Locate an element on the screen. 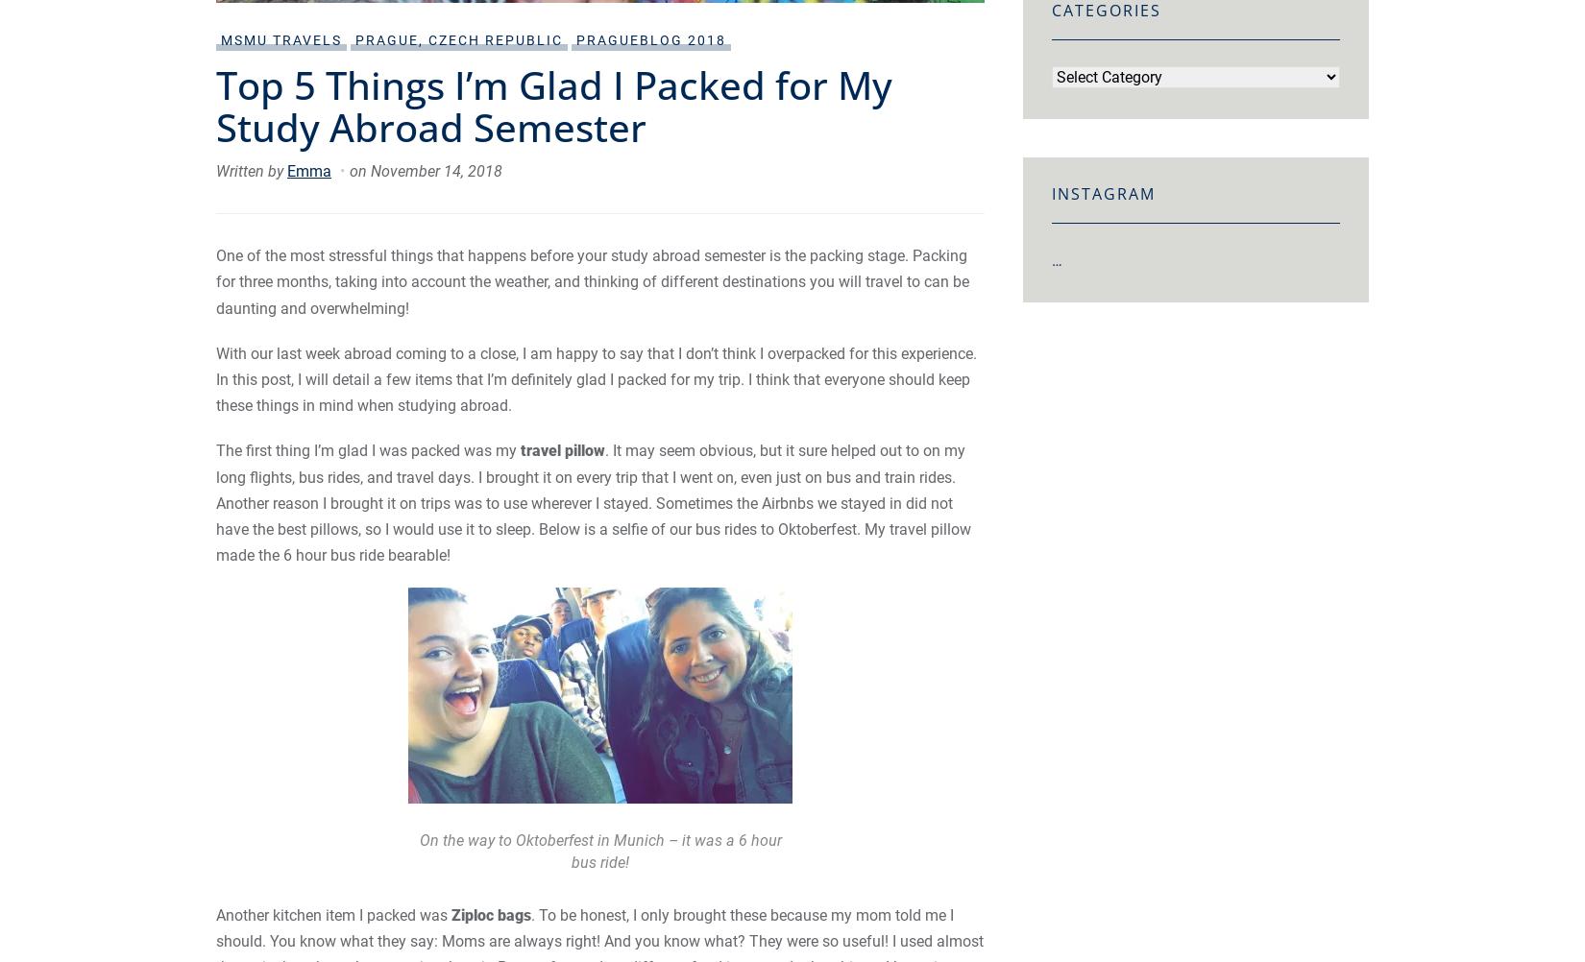 The width and height of the screenshot is (1585, 962). 'One of the most stressful things that happens before your study abroad semester is the packing stage. Packing for three months, taking into account the weather, and thinking of different destinations you will travel to can be daunting and overwhelming!' is located at coordinates (591, 280).